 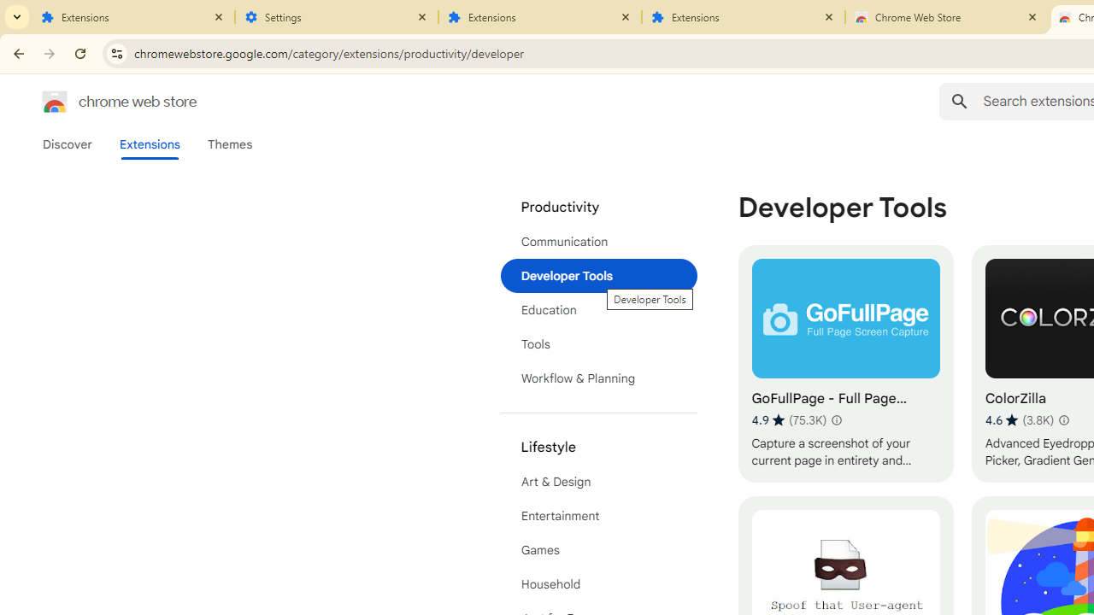 What do you see at coordinates (337, 17) in the screenshot?
I see `'Settings'` at bounding box center [337, 17].